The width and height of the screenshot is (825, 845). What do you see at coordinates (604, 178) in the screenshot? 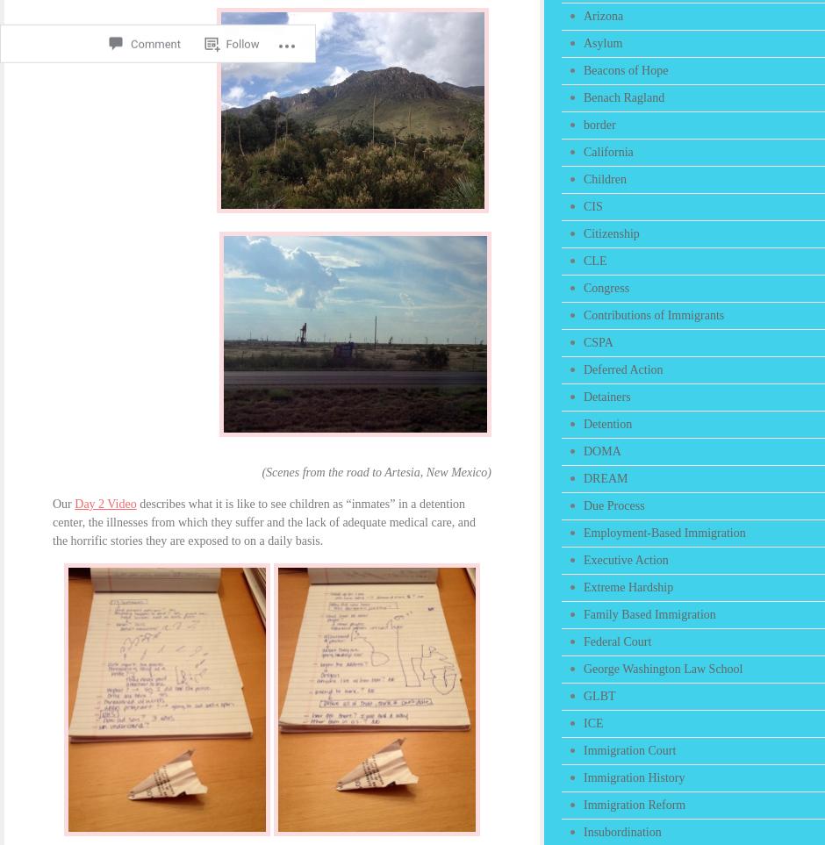
I see `'Children'` at bounding box center [604, 178].